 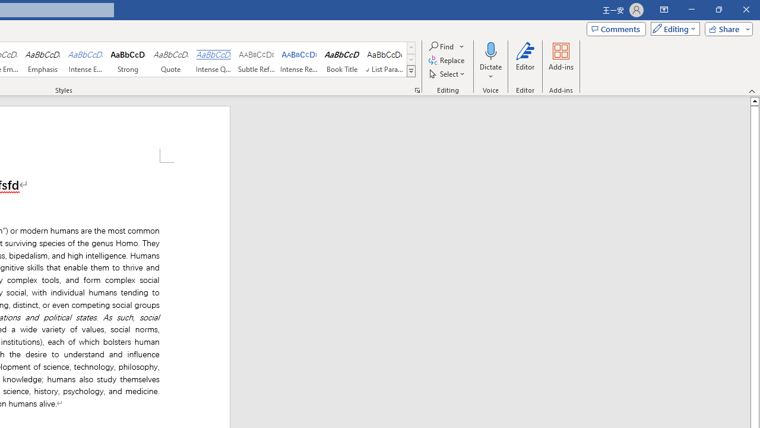 What do you see at coordinates (673, 28) in the screenshot?
I see `'Mode'` at bounding box center [673, 28].